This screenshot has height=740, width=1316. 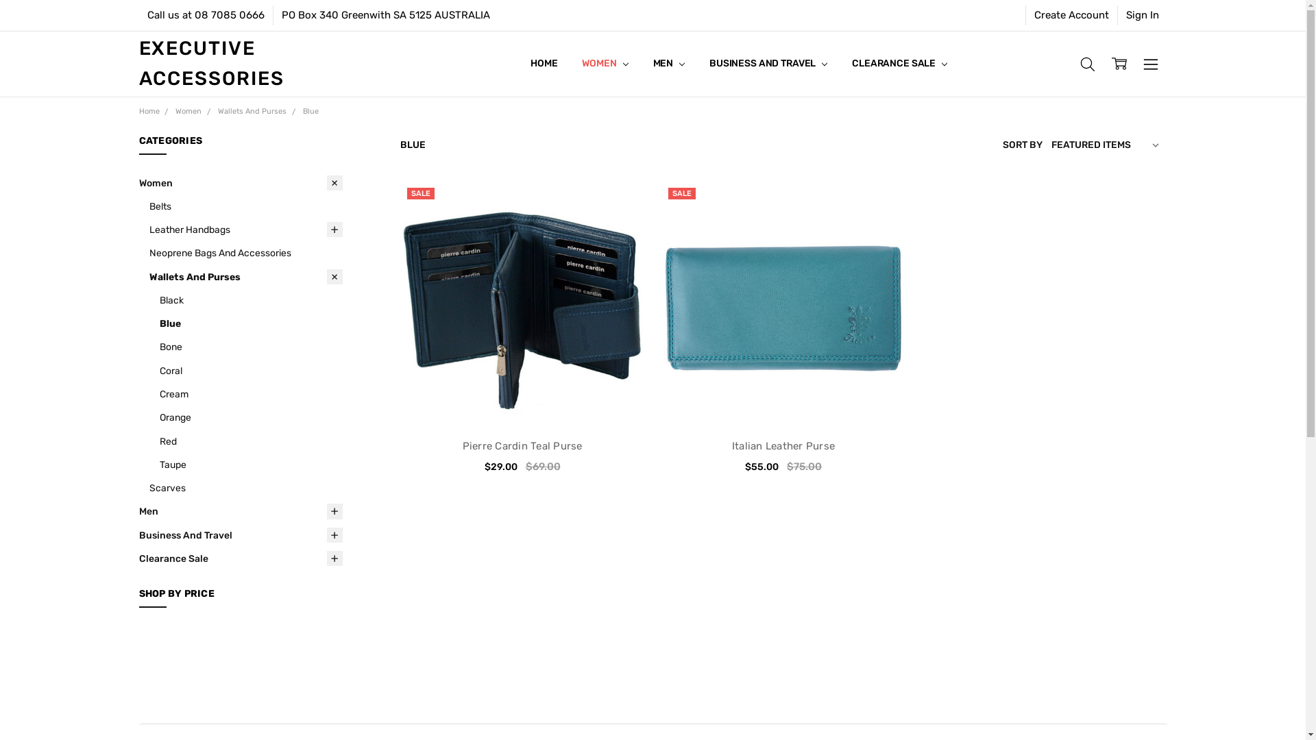 I want to click on 'Turquoise Leather Wallet', so click(x=783, y=302).